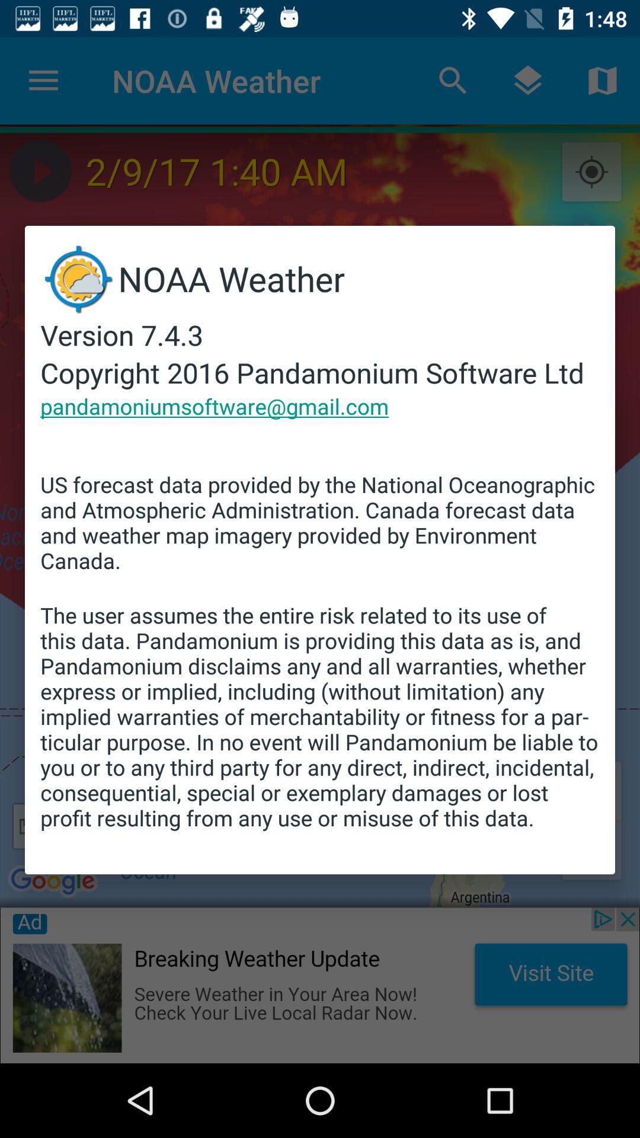 The width and height of the screenshot is (640, 1138). I want to click on icon below the copyright 2016 pandamonium item, so click(215, 406).